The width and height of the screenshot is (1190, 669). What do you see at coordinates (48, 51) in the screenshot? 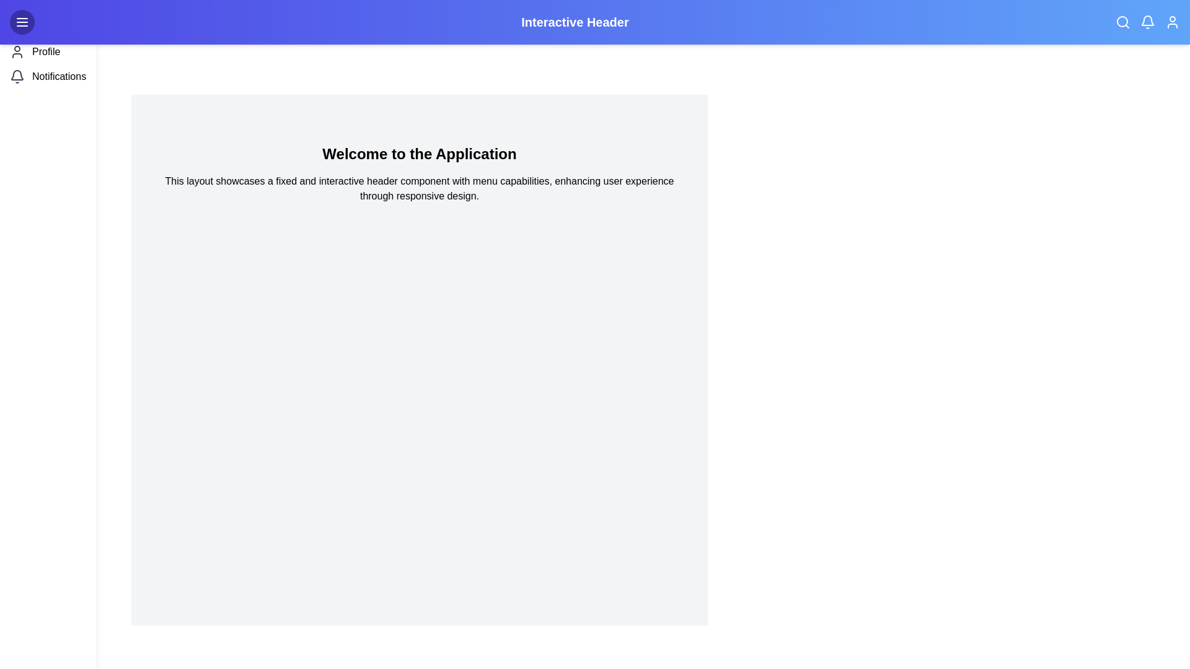
I see `the 'Profile' menu item` at bounding box center [48, 51].